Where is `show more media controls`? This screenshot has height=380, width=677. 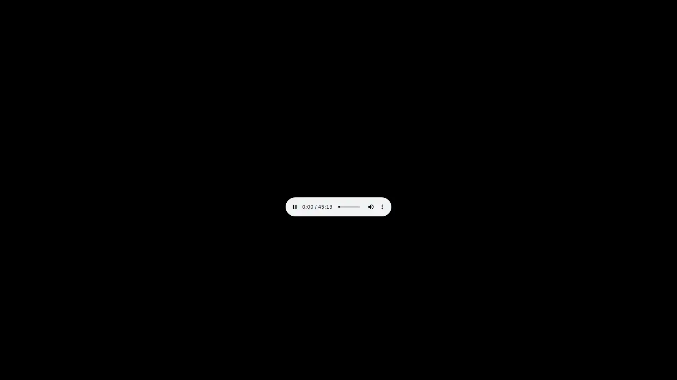
show more media controls is located at coordinates (382, 206).